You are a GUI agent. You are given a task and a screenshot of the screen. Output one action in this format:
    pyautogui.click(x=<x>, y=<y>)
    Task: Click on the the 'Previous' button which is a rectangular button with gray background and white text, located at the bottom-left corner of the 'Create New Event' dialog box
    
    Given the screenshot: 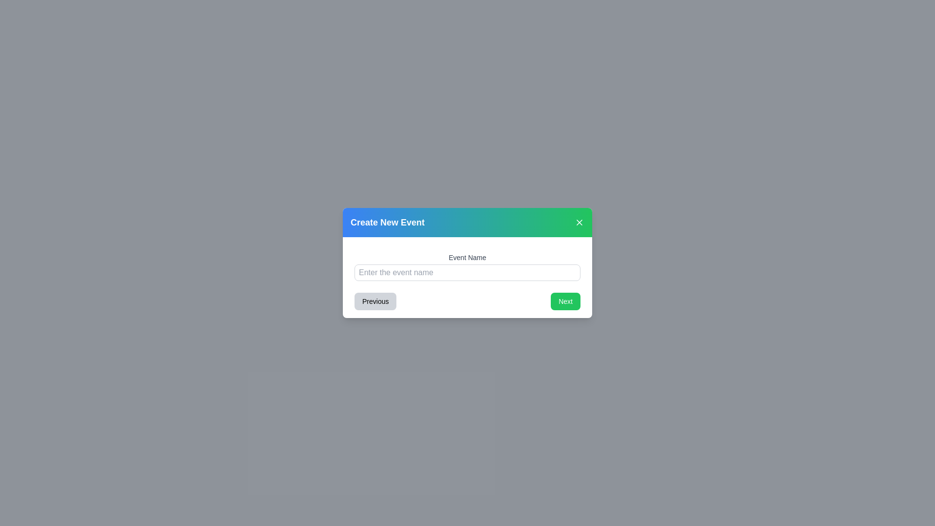 What is the action you would take?
    pyautogui.click(x=375, y=301)
    